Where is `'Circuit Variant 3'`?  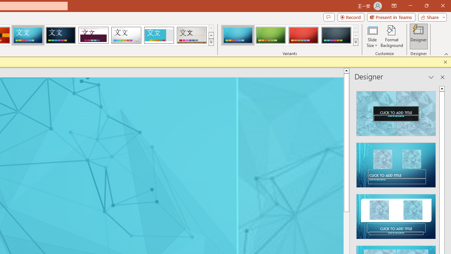
'Circuit Variant 3' is located at coordinates (303, 35).